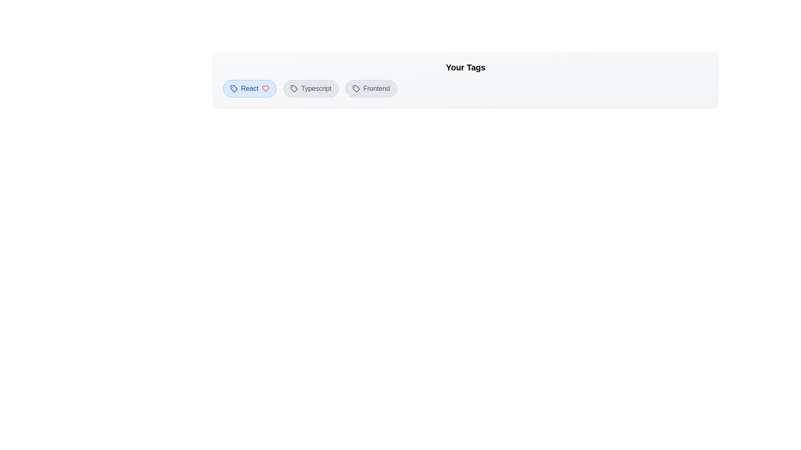  What do you see at coordinates (356, 88) in the screenshot?
I see `the decorative icon associated with the tag Frontend` at bounding box center [356, 88].